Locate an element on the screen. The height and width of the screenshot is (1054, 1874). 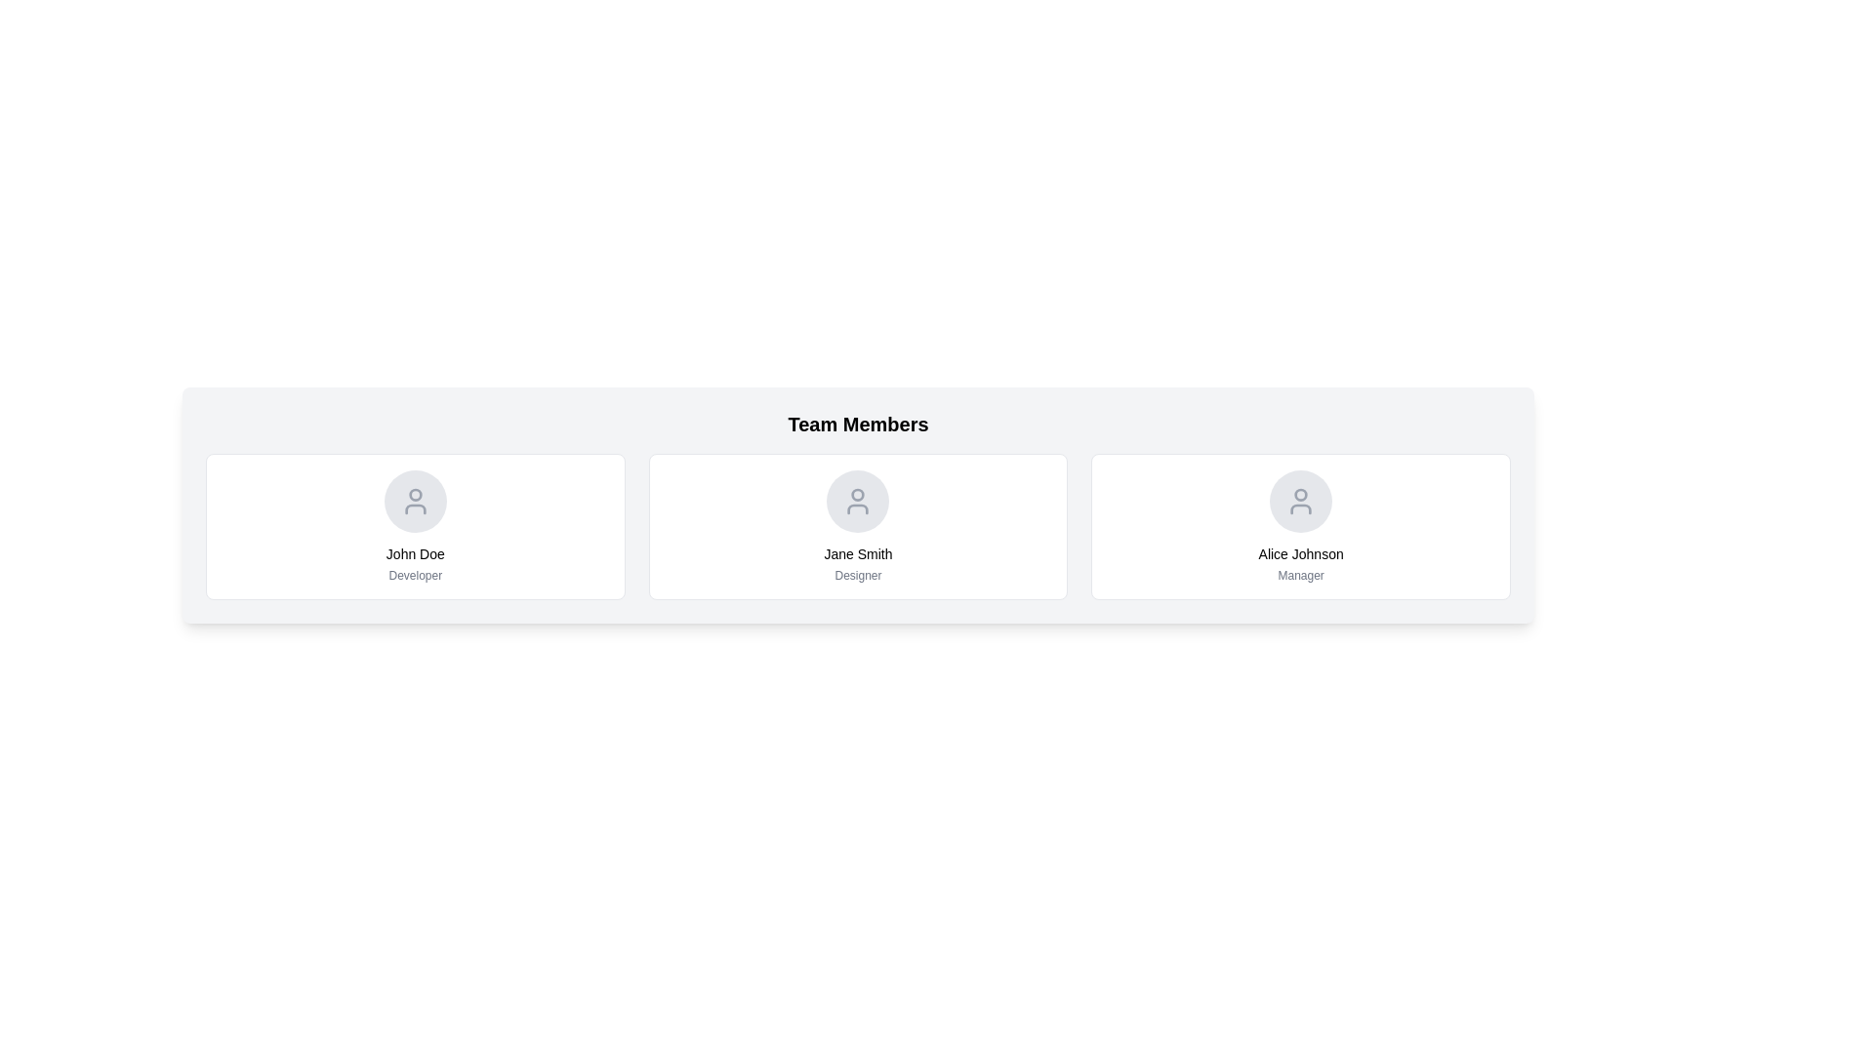
the circular badge or status indicator located on the head portion of the user profile icon for Alice Johnson is located at coordinates (1301, 494).